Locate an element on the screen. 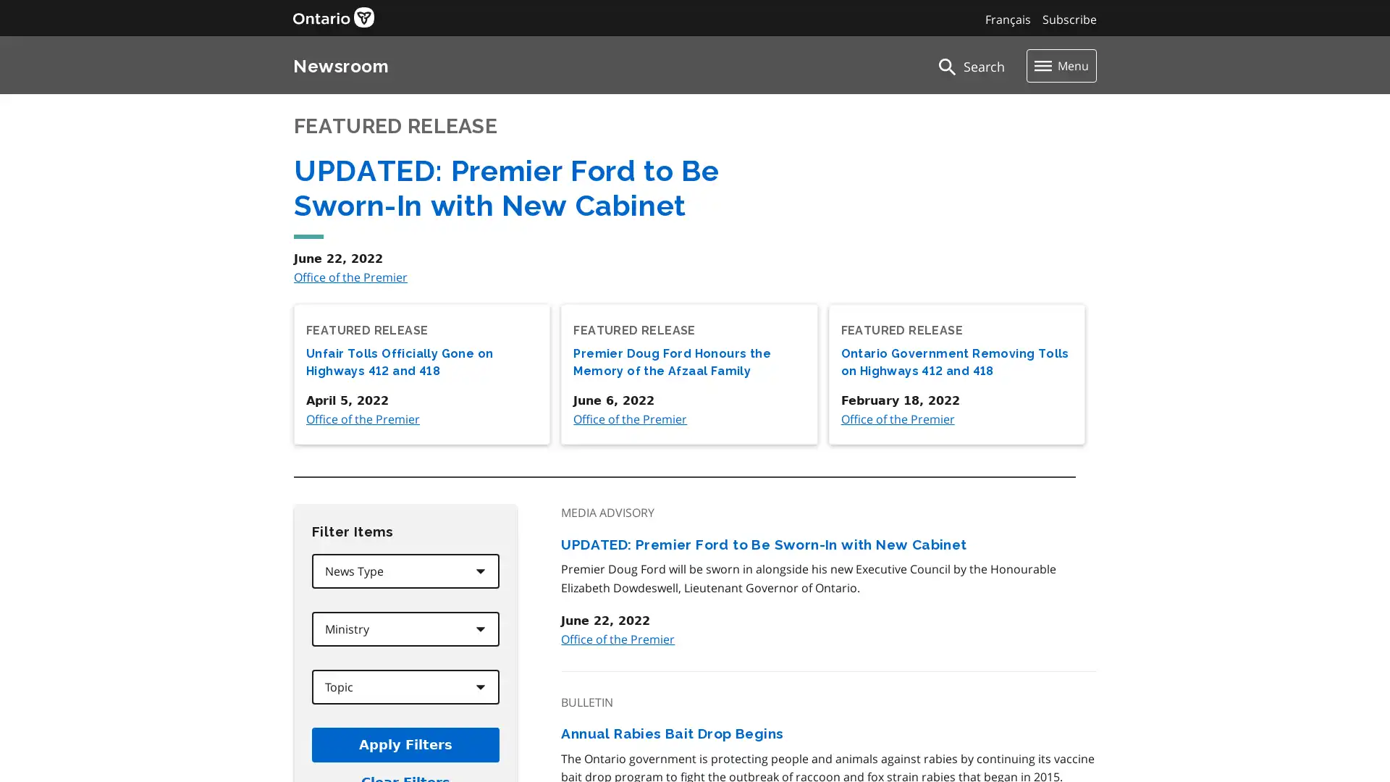 This screenshot has height=782, width=1390. Apply Filters is located at coordinates (405, 744).